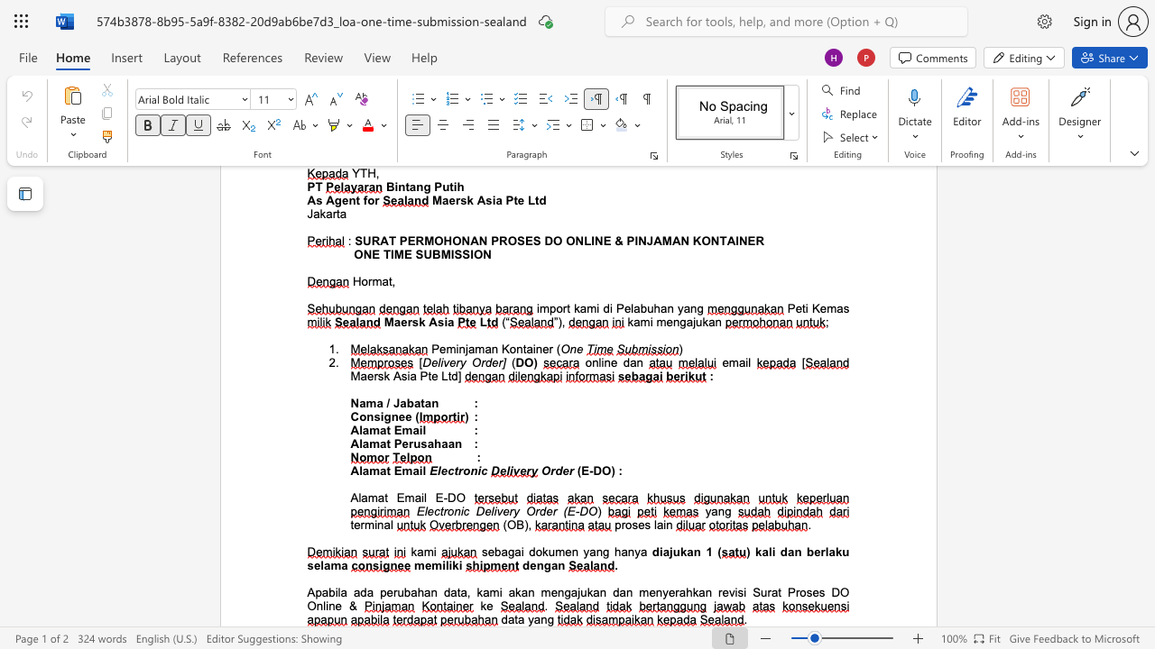 The image size is (1155, 649). What do you see at coordinates (506, 618) in the screenshot?
I see `the subset text "ata yan" within the text "data yang"` at bounding box center [506, 618].